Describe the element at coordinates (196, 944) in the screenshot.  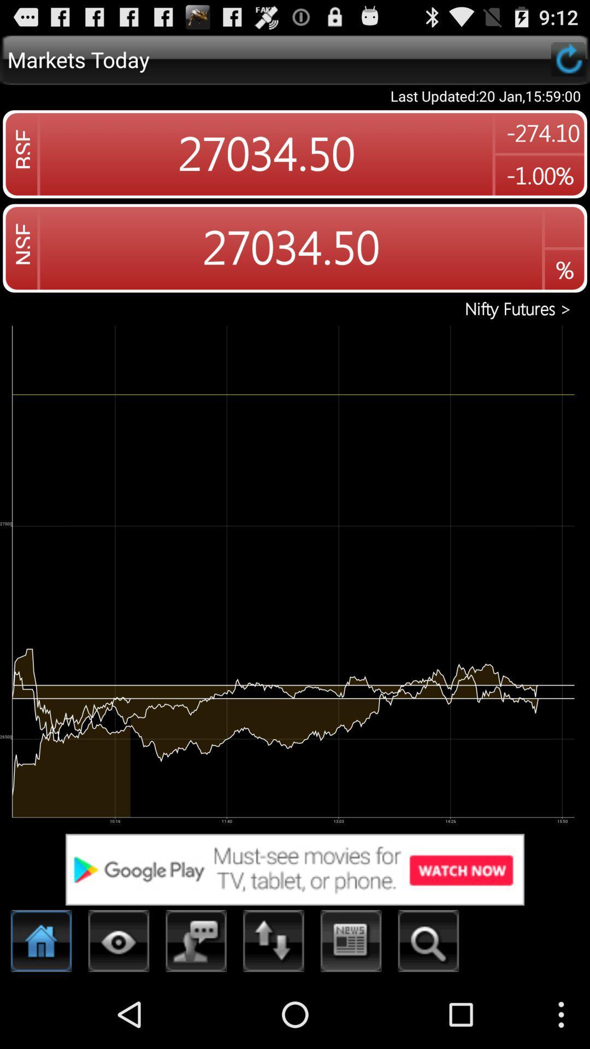
I see `contact` at that location.